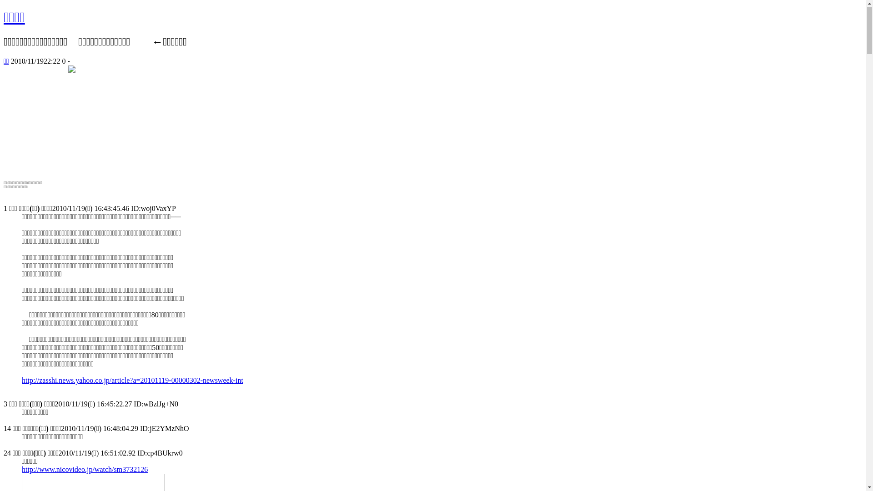 This screenshot has height=491, width=873. Describe the element at coordinates (85, 470) in the screenshot. I see `'http://www.nicovideo.jp/watch/sm3732126'` at that location.